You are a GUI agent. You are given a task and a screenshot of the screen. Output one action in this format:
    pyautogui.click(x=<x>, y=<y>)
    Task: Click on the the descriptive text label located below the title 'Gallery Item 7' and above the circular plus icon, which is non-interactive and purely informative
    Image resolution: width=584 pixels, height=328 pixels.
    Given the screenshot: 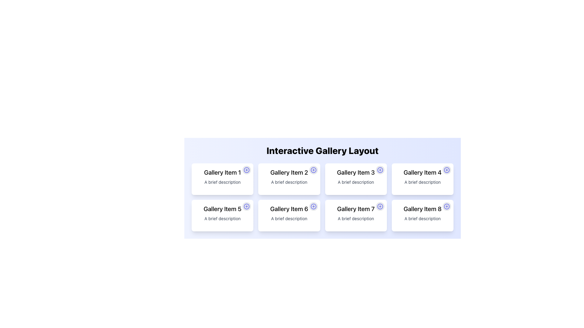 What is the action you would take?
    pyautogui.click(x=356, y=219)
    